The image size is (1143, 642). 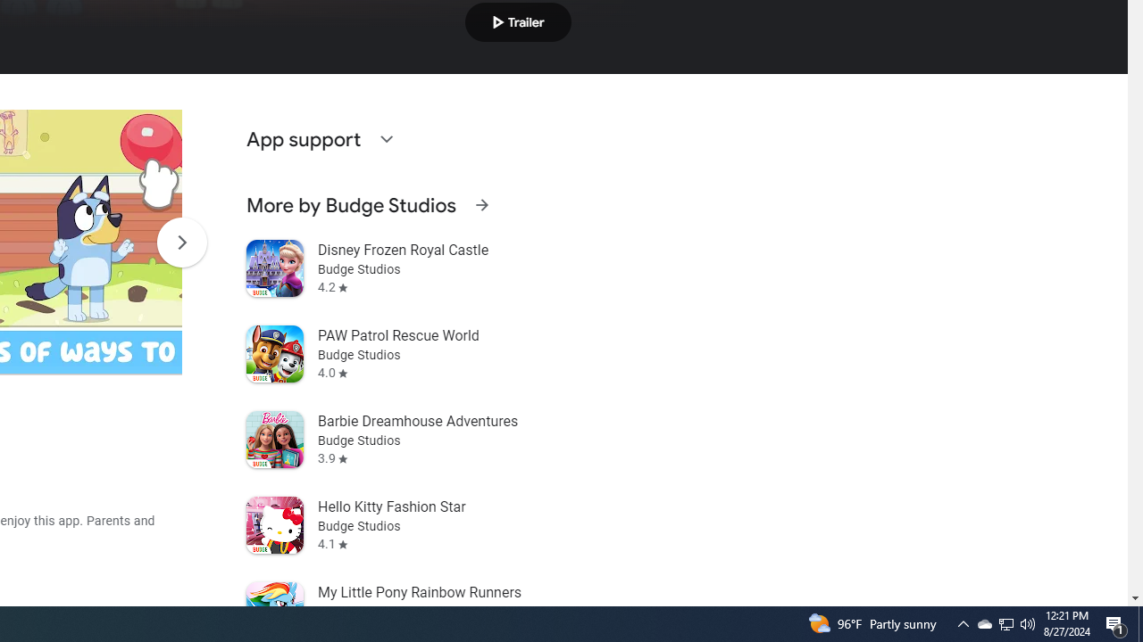 I want to click on 'Play trailer', so click(x=517, y=21).